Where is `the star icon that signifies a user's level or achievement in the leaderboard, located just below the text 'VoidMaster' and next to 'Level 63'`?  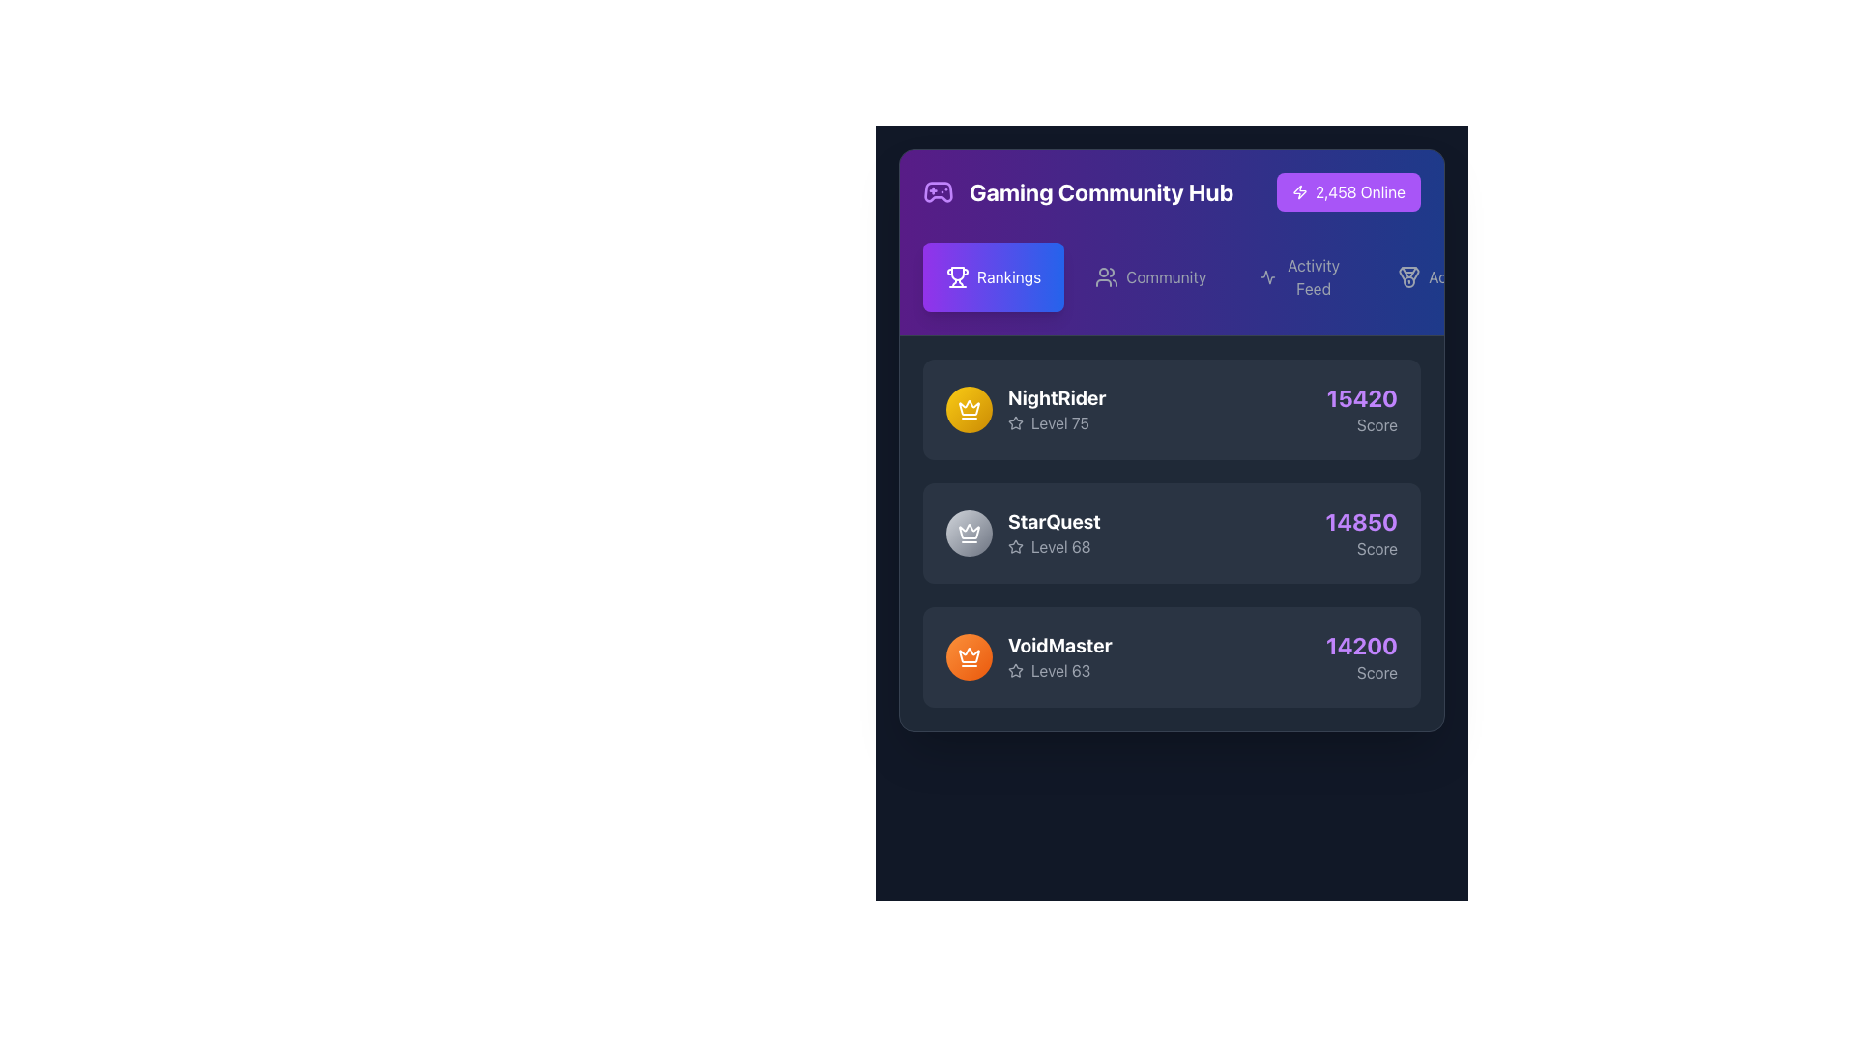
the star icon that signifies a user's level or achievement in the leaderboard, located just below the text 'VoidMaster' and next to 'Level 63' is located at coordinates (1015, 670).